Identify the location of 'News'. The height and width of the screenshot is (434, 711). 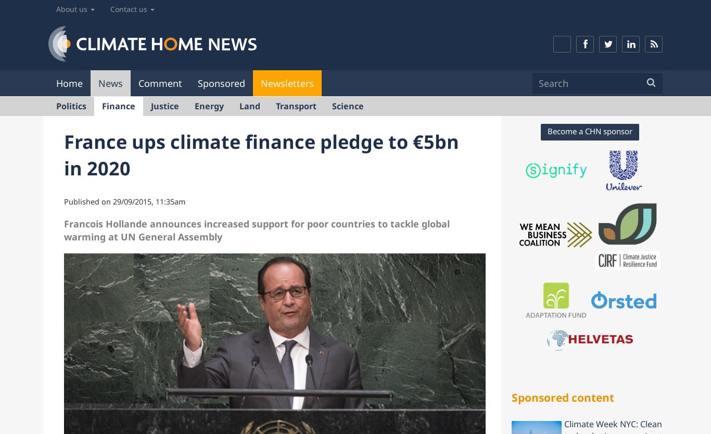
(110, 82).